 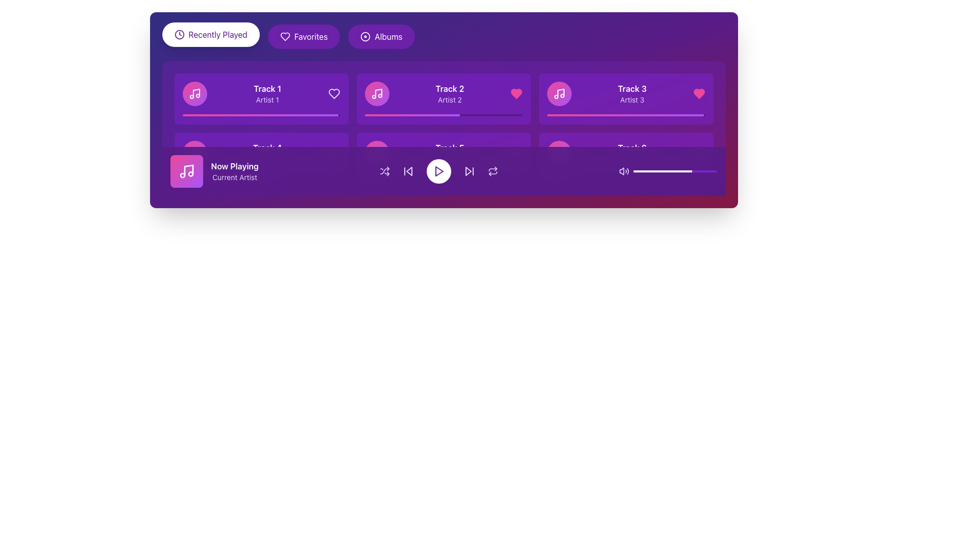 What do you see at coordinates (261, 158) in the screenshot?
I see `the Informational card that displays information about the currently playing track, located in the left column of the bottom row of the grid` at bounding box center [261, 158].